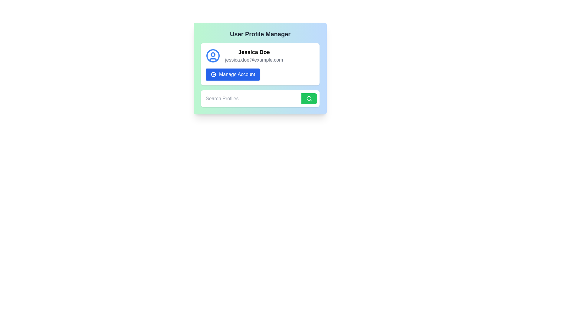 Image resolution: width=581 pixels, height=326 pixels. I want to click on the 'Manage Account' button's text label, which indicates the action to manage the user's account settings, positioned centrally below the user profile section, so click(237, 74).